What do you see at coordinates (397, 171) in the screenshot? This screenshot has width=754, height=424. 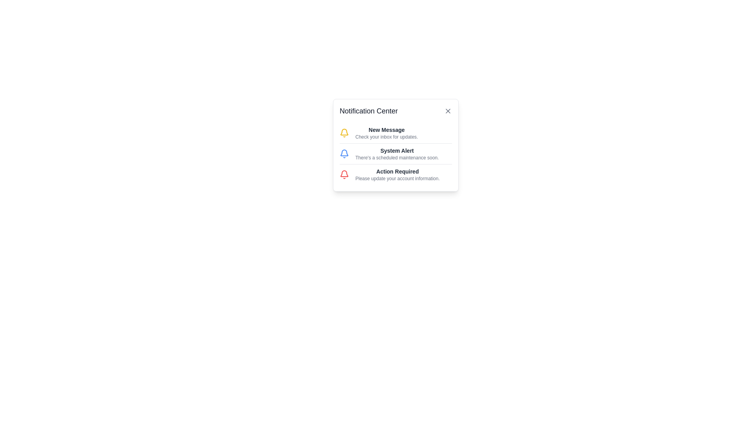 I see `the important notification text label located in the notification card under the 'Notification Center' header, which is the third notification in the list` at bounding box center [397, 171].